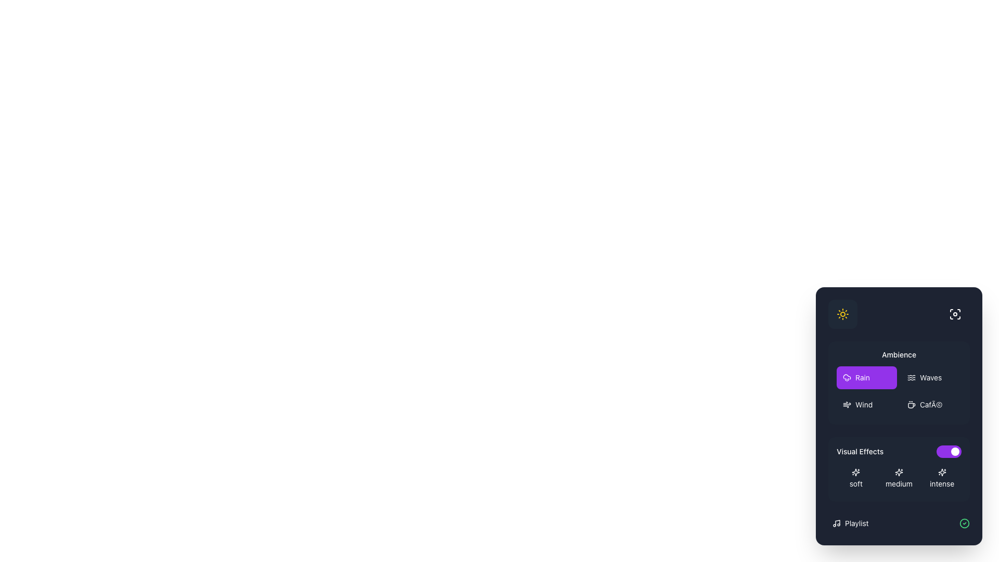  What do you see at coordinates (847, 377) in the screenshot?
I see `the 'Rain' ambiance selection button located in the 'Ambience' section` at bounding box center [847, 377].